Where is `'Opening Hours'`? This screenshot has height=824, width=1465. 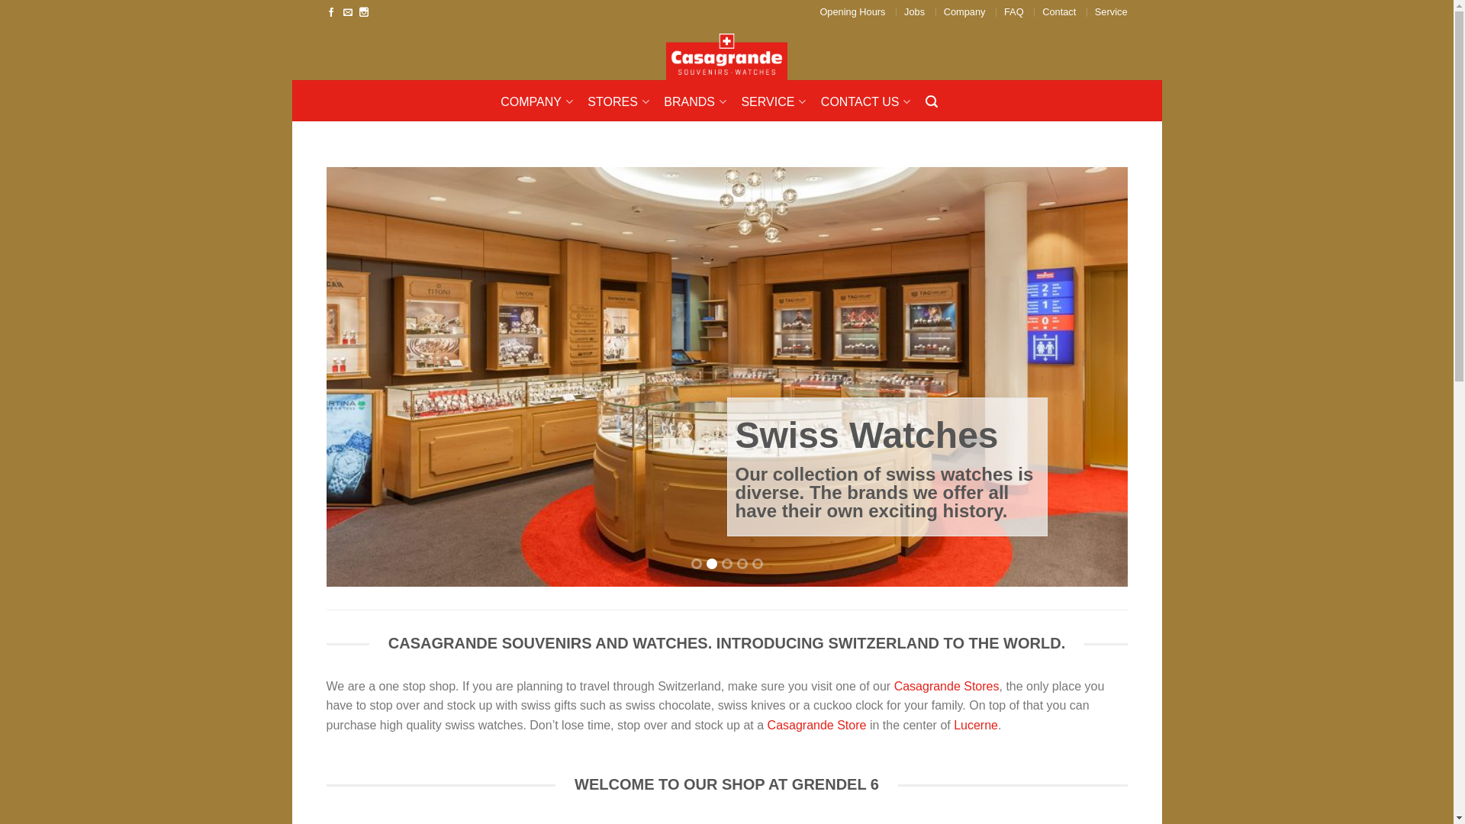
'Opening Hours' is located at coordinates (852, 11).